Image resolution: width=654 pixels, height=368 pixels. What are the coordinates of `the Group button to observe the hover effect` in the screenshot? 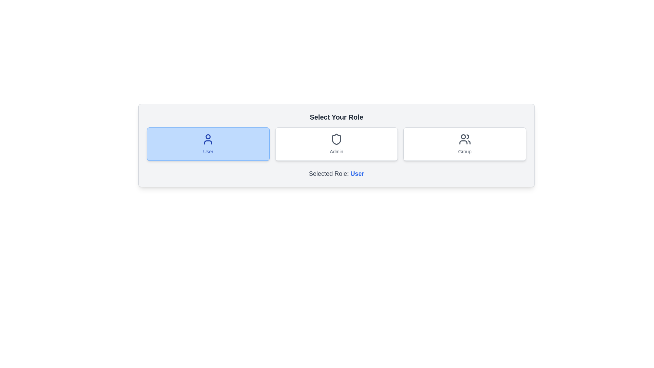 It's located at (464, 144).